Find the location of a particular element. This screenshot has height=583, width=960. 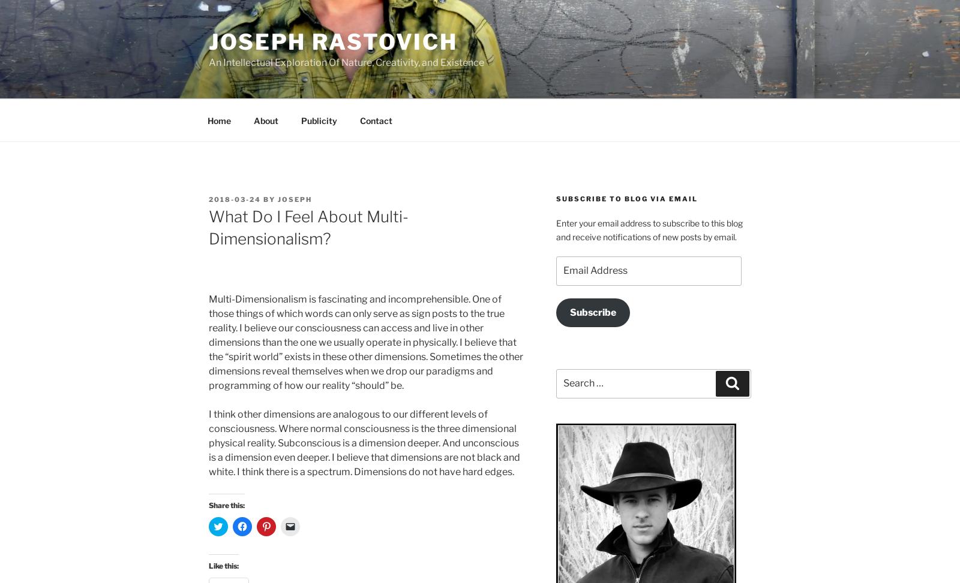

'Publicity' is located at coordinates (318, 120).